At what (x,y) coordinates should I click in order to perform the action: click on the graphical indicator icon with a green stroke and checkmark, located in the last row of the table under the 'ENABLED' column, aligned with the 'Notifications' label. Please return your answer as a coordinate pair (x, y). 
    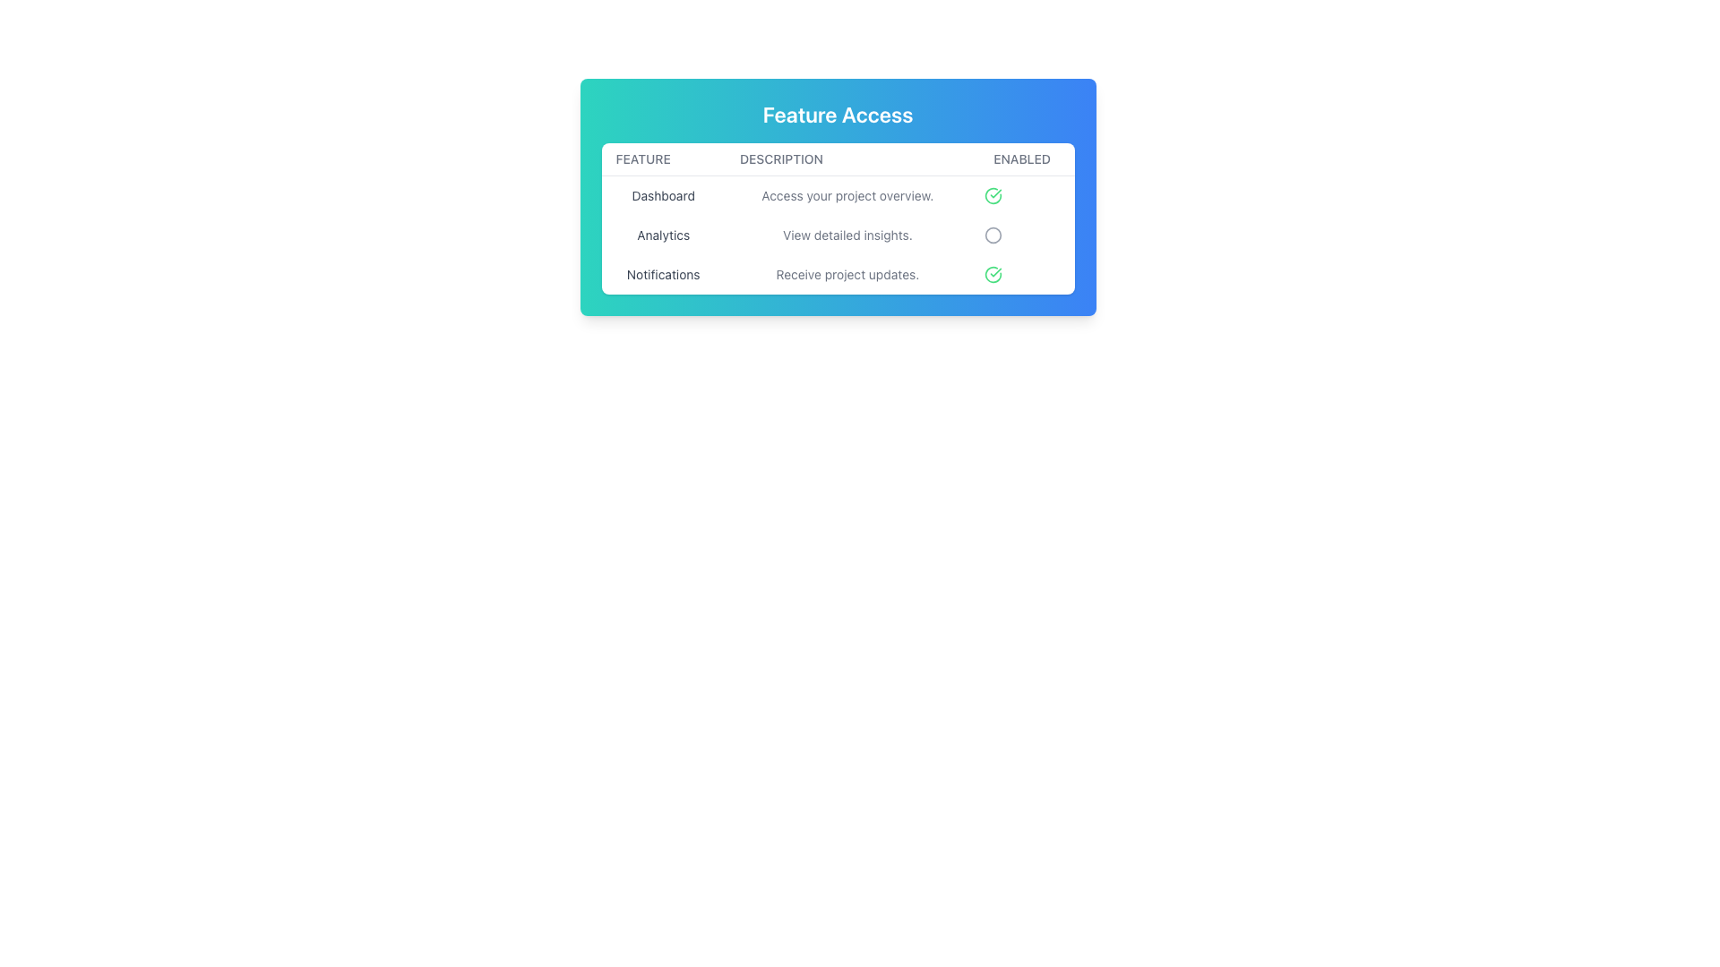
    Looking at the image, I should click on (992, 275).